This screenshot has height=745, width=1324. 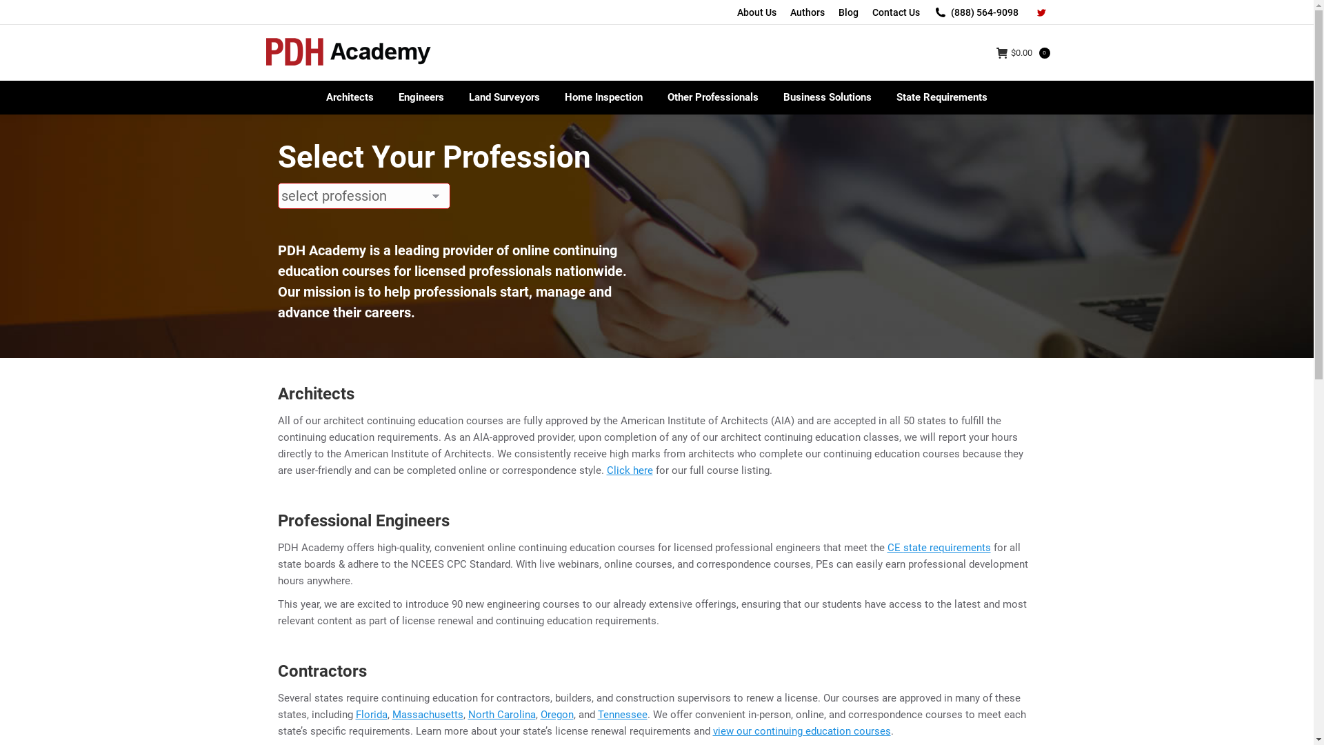 I want to click on 'Florida', so click(x=355, y=714).